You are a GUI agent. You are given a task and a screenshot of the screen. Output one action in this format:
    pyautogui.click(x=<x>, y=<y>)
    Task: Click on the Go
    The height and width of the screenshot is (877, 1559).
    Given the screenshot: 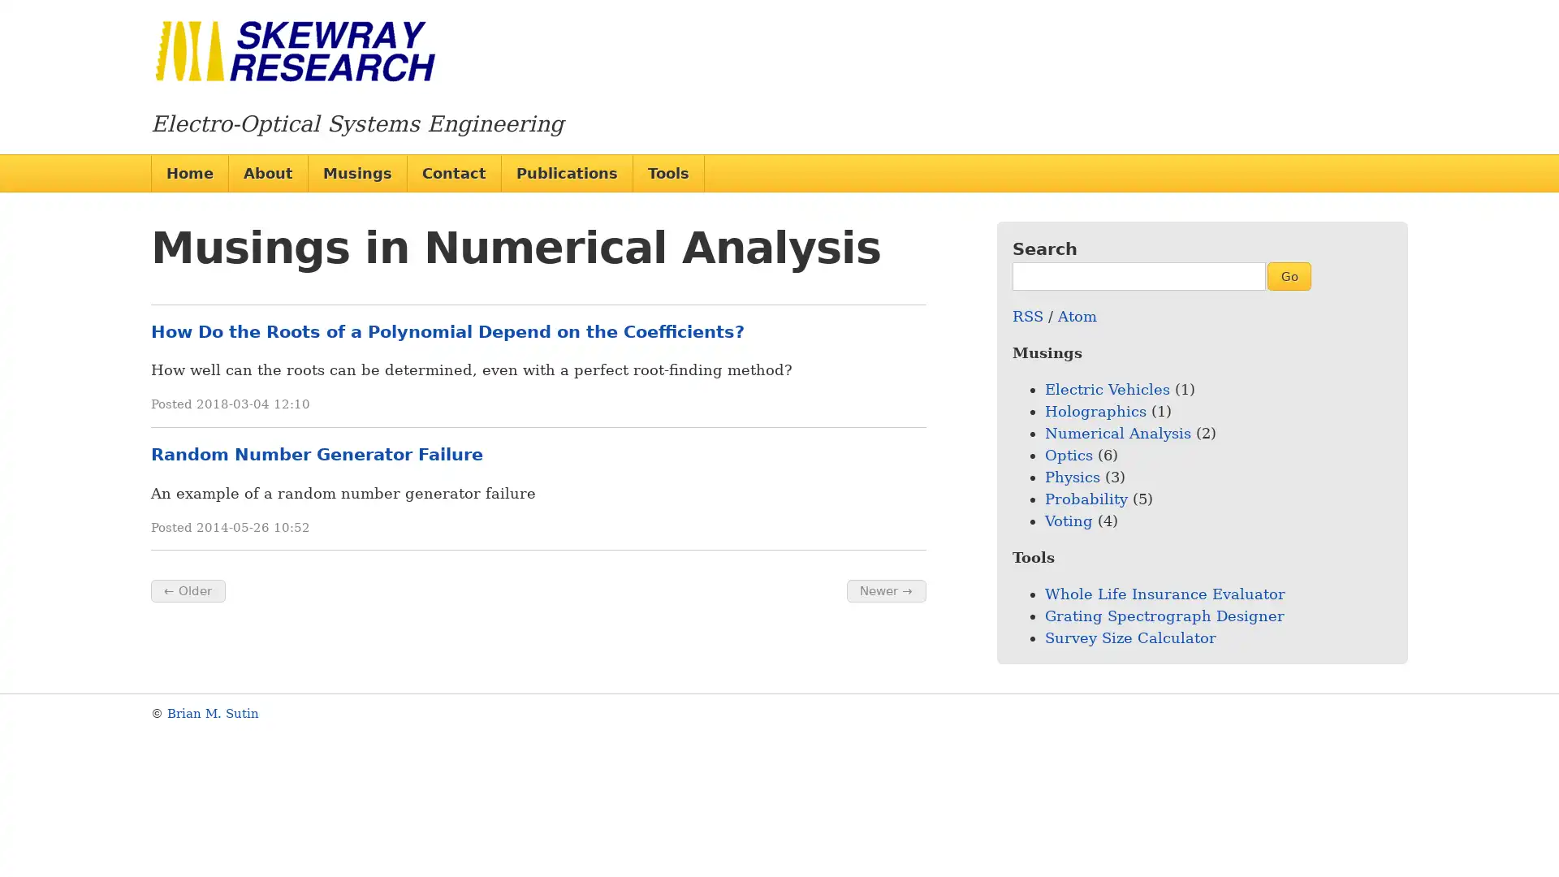 What is the action you would take?
    pyautogui.click(x=1288, y=274)
    